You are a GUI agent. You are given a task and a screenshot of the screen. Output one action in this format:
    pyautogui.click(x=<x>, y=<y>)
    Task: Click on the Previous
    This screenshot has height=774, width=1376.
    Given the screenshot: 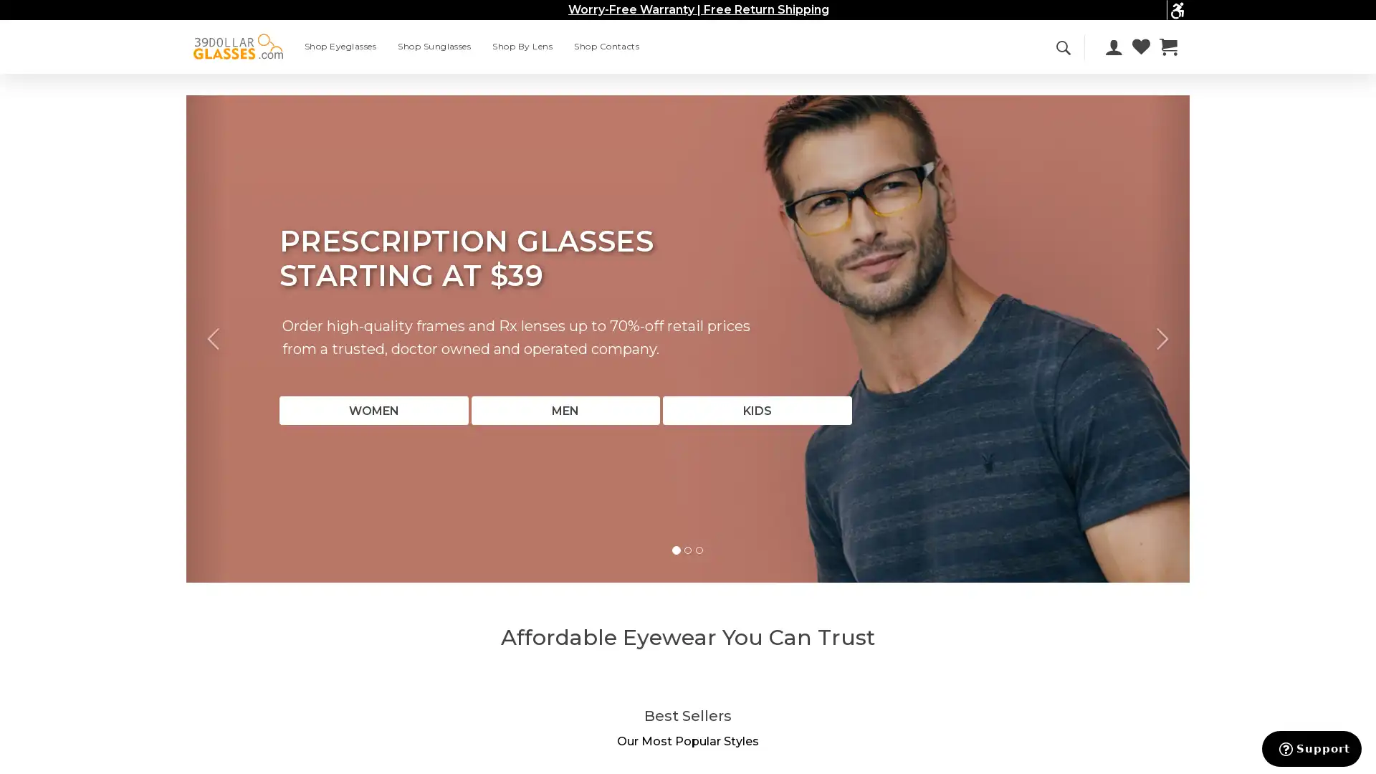 What is the action you would take?
    pyautogui.click(x=206, y=339)
    